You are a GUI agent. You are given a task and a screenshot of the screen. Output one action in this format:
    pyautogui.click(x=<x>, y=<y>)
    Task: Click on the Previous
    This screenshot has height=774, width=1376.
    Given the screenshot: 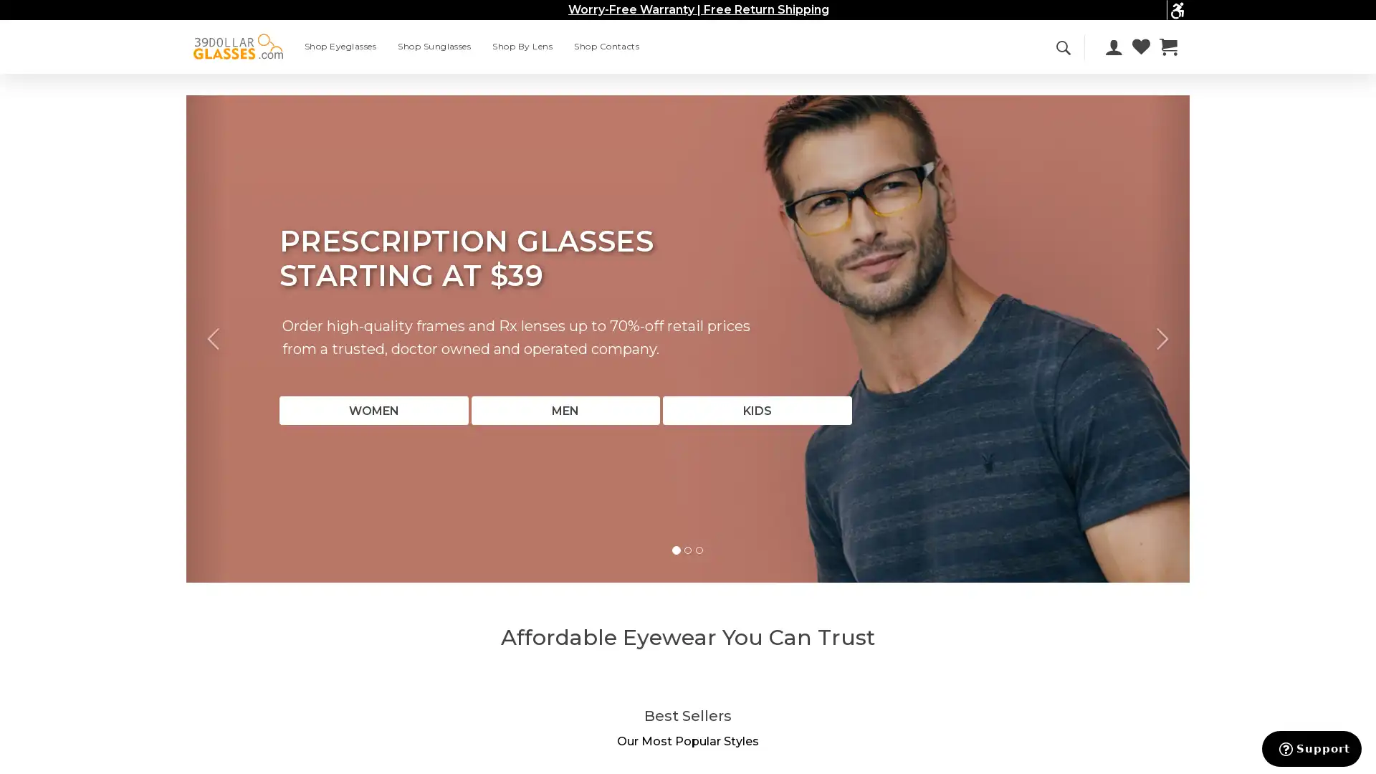 What is the action you would take?
    pyautogui.click(x=206, y=339)
    